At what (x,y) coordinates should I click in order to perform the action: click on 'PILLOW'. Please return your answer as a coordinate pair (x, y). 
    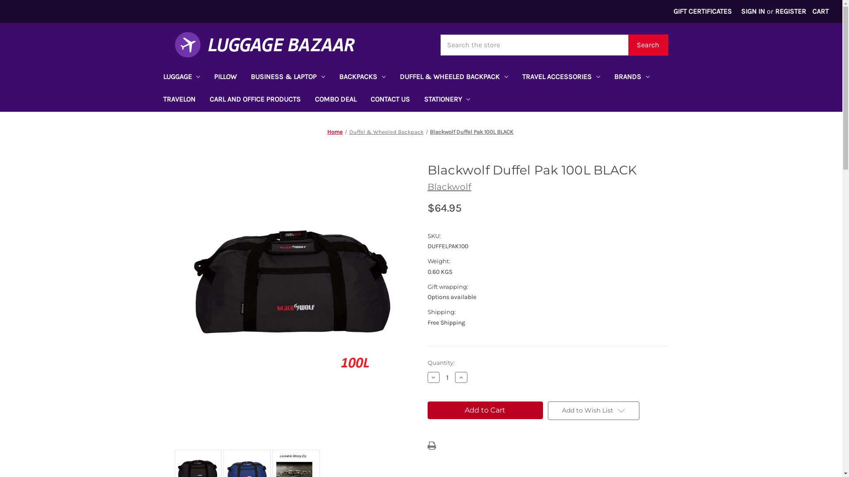
    Looking at the image, I should click on (225, 77).